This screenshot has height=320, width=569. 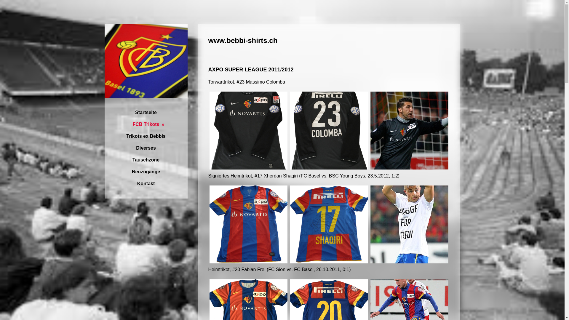 What do you see at coordinates (146, 124) in the screenshot?
I see `'FCB Trikots'` at bounding box center [146, 124].